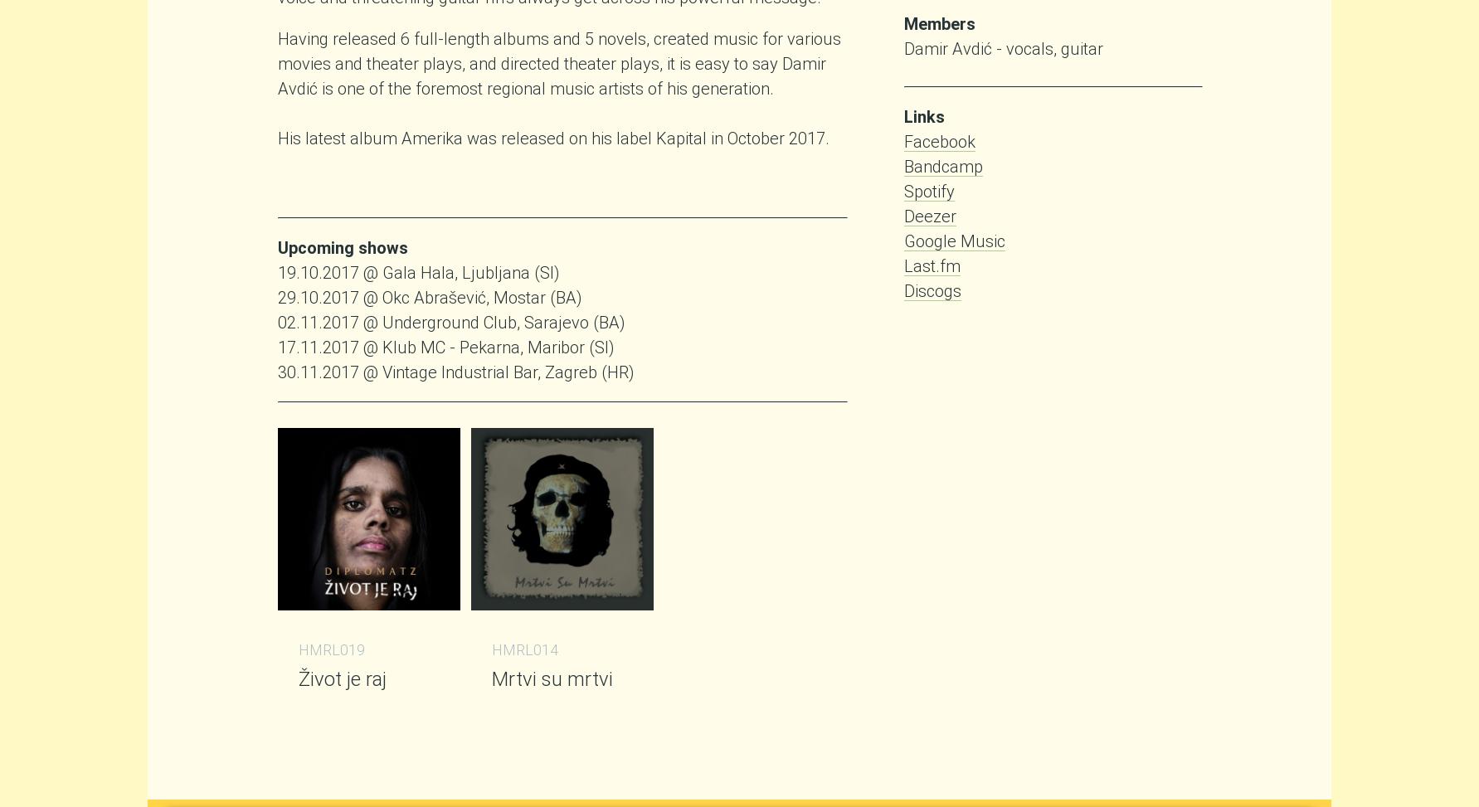 The height and width of the screenshot is (807, 1479). Describe the element at coordinates (524, 649) in the screenshot. I see `'HMRL014'` at that location.